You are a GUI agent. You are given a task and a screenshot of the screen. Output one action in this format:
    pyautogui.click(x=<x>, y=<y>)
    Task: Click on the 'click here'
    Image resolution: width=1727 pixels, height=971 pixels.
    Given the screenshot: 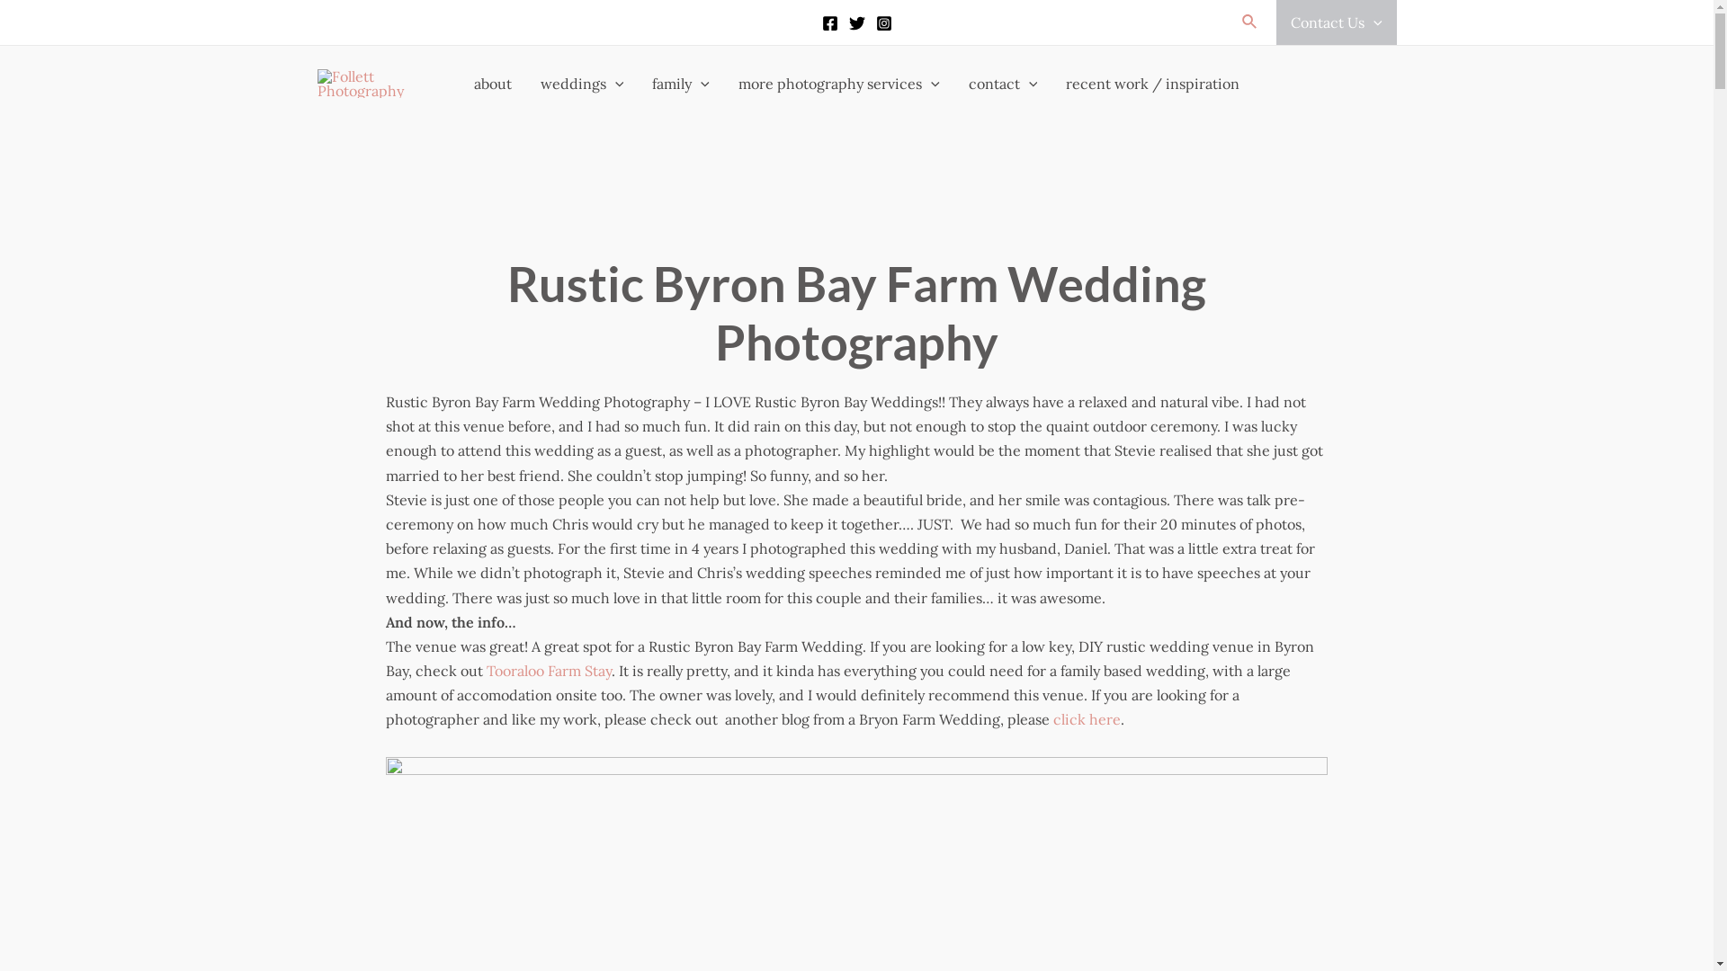 What is the action you would take?
    pyautogui.click(x=1086, y=717)
    